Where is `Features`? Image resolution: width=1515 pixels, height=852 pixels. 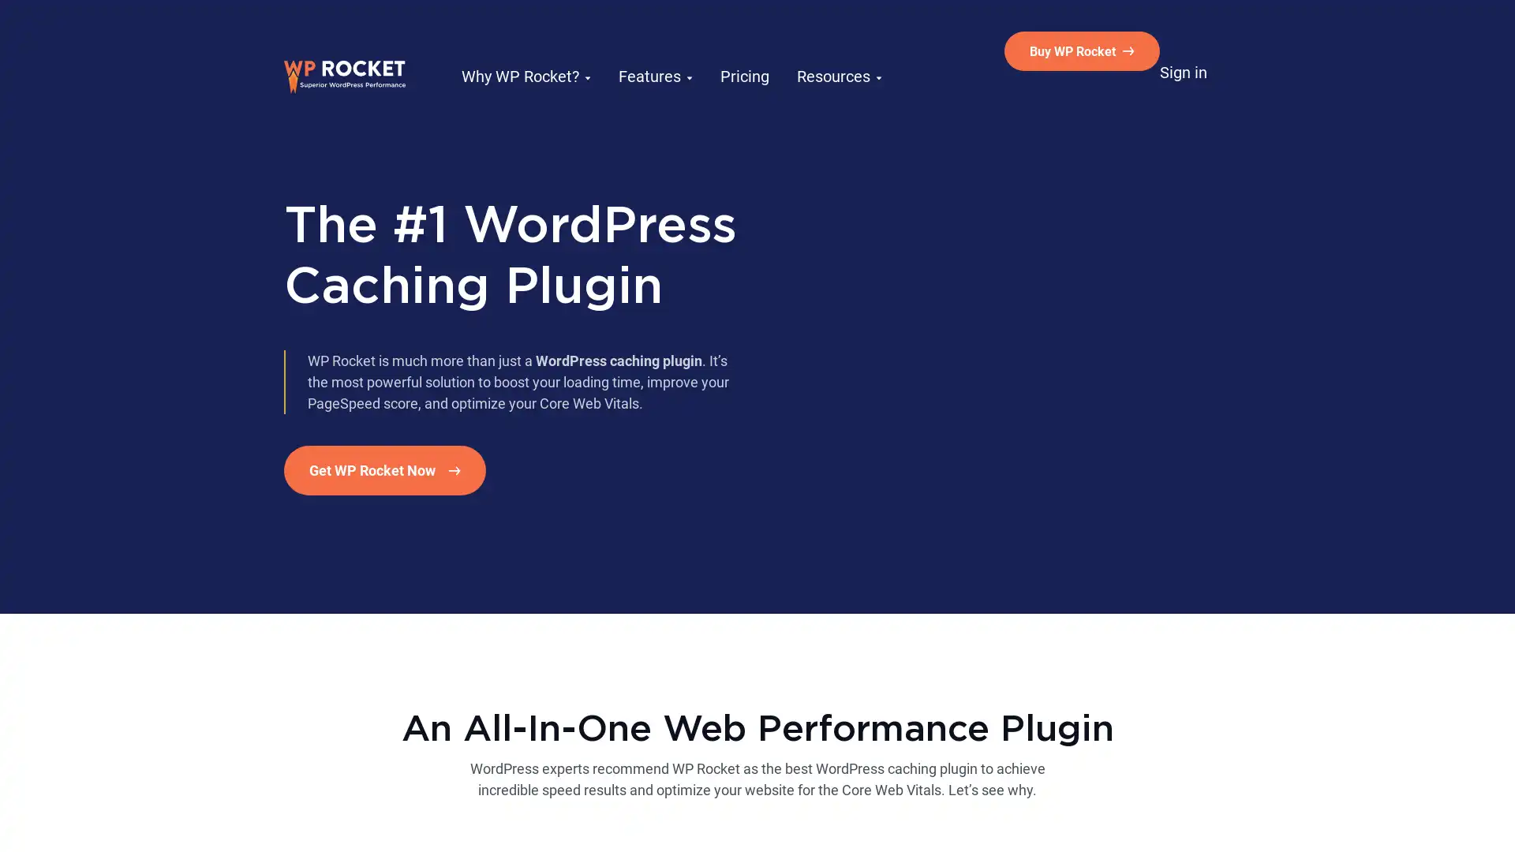 Features is located at coordinates (640, 50).